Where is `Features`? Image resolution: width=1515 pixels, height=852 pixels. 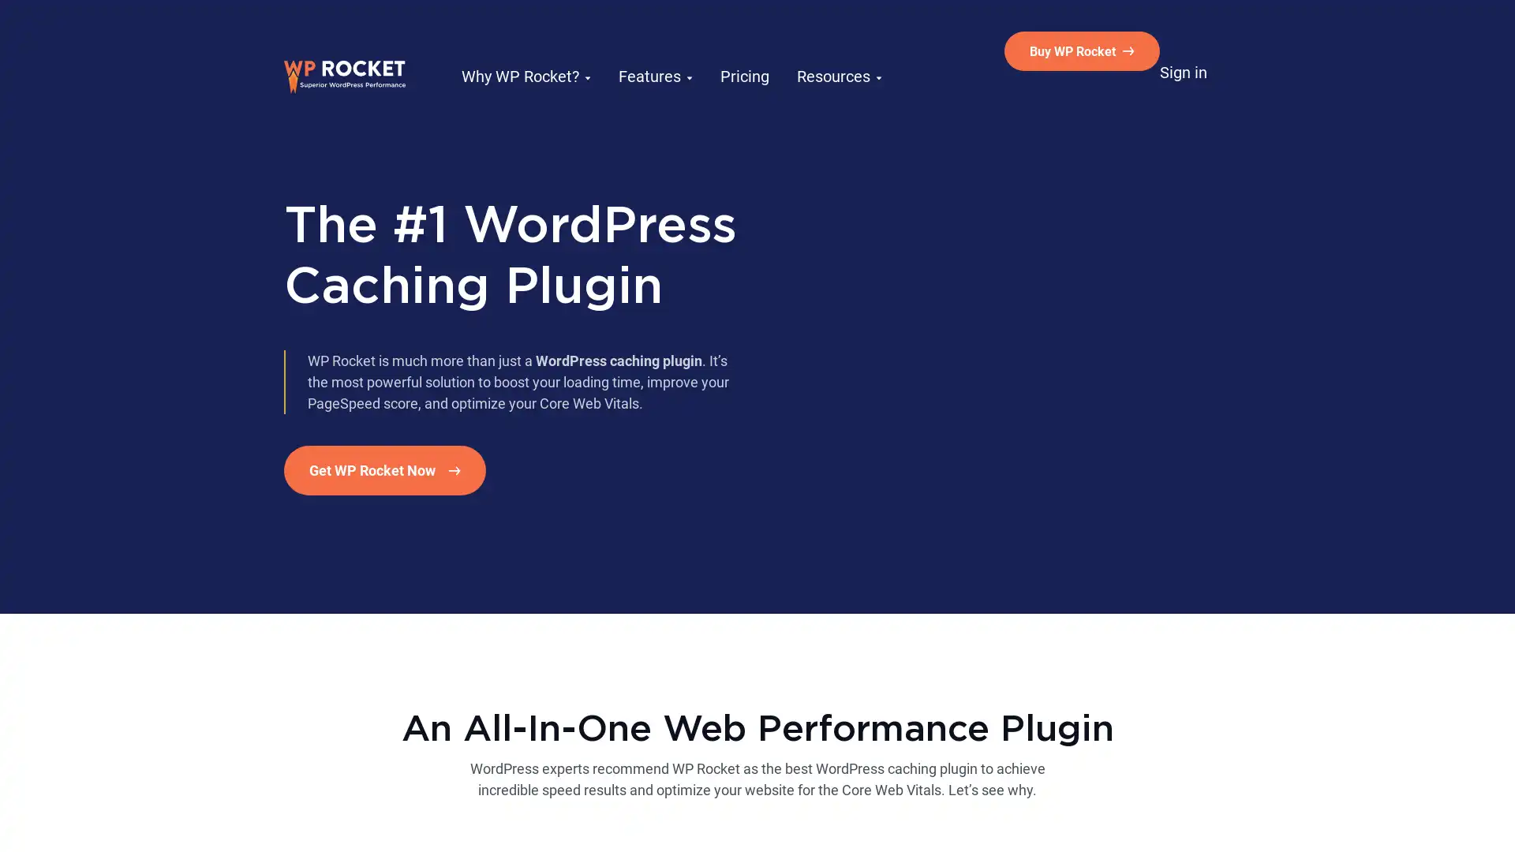 Features is located at coordinates (640, 50).